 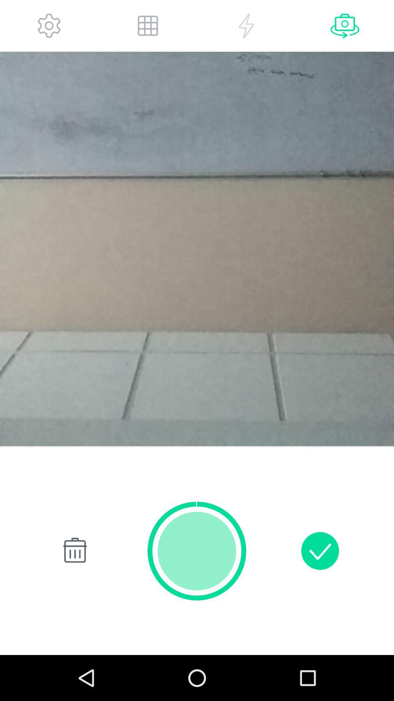 I want to click on the microphone icon, so click(x=345, y=27).